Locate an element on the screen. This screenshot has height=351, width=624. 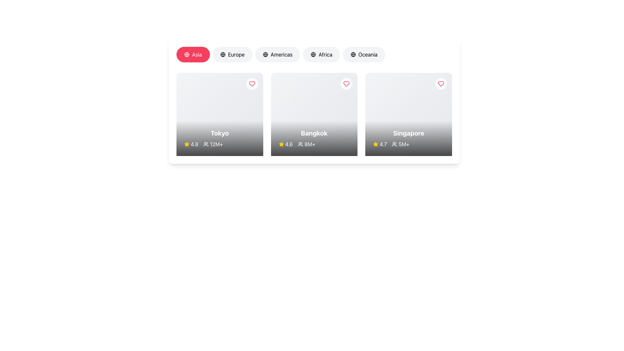
the rating display component for the item 'Bangkok', which is located in the lower-left side of its card and visually represents the numerical rating with a star icon is located at coordinates (286, 144).